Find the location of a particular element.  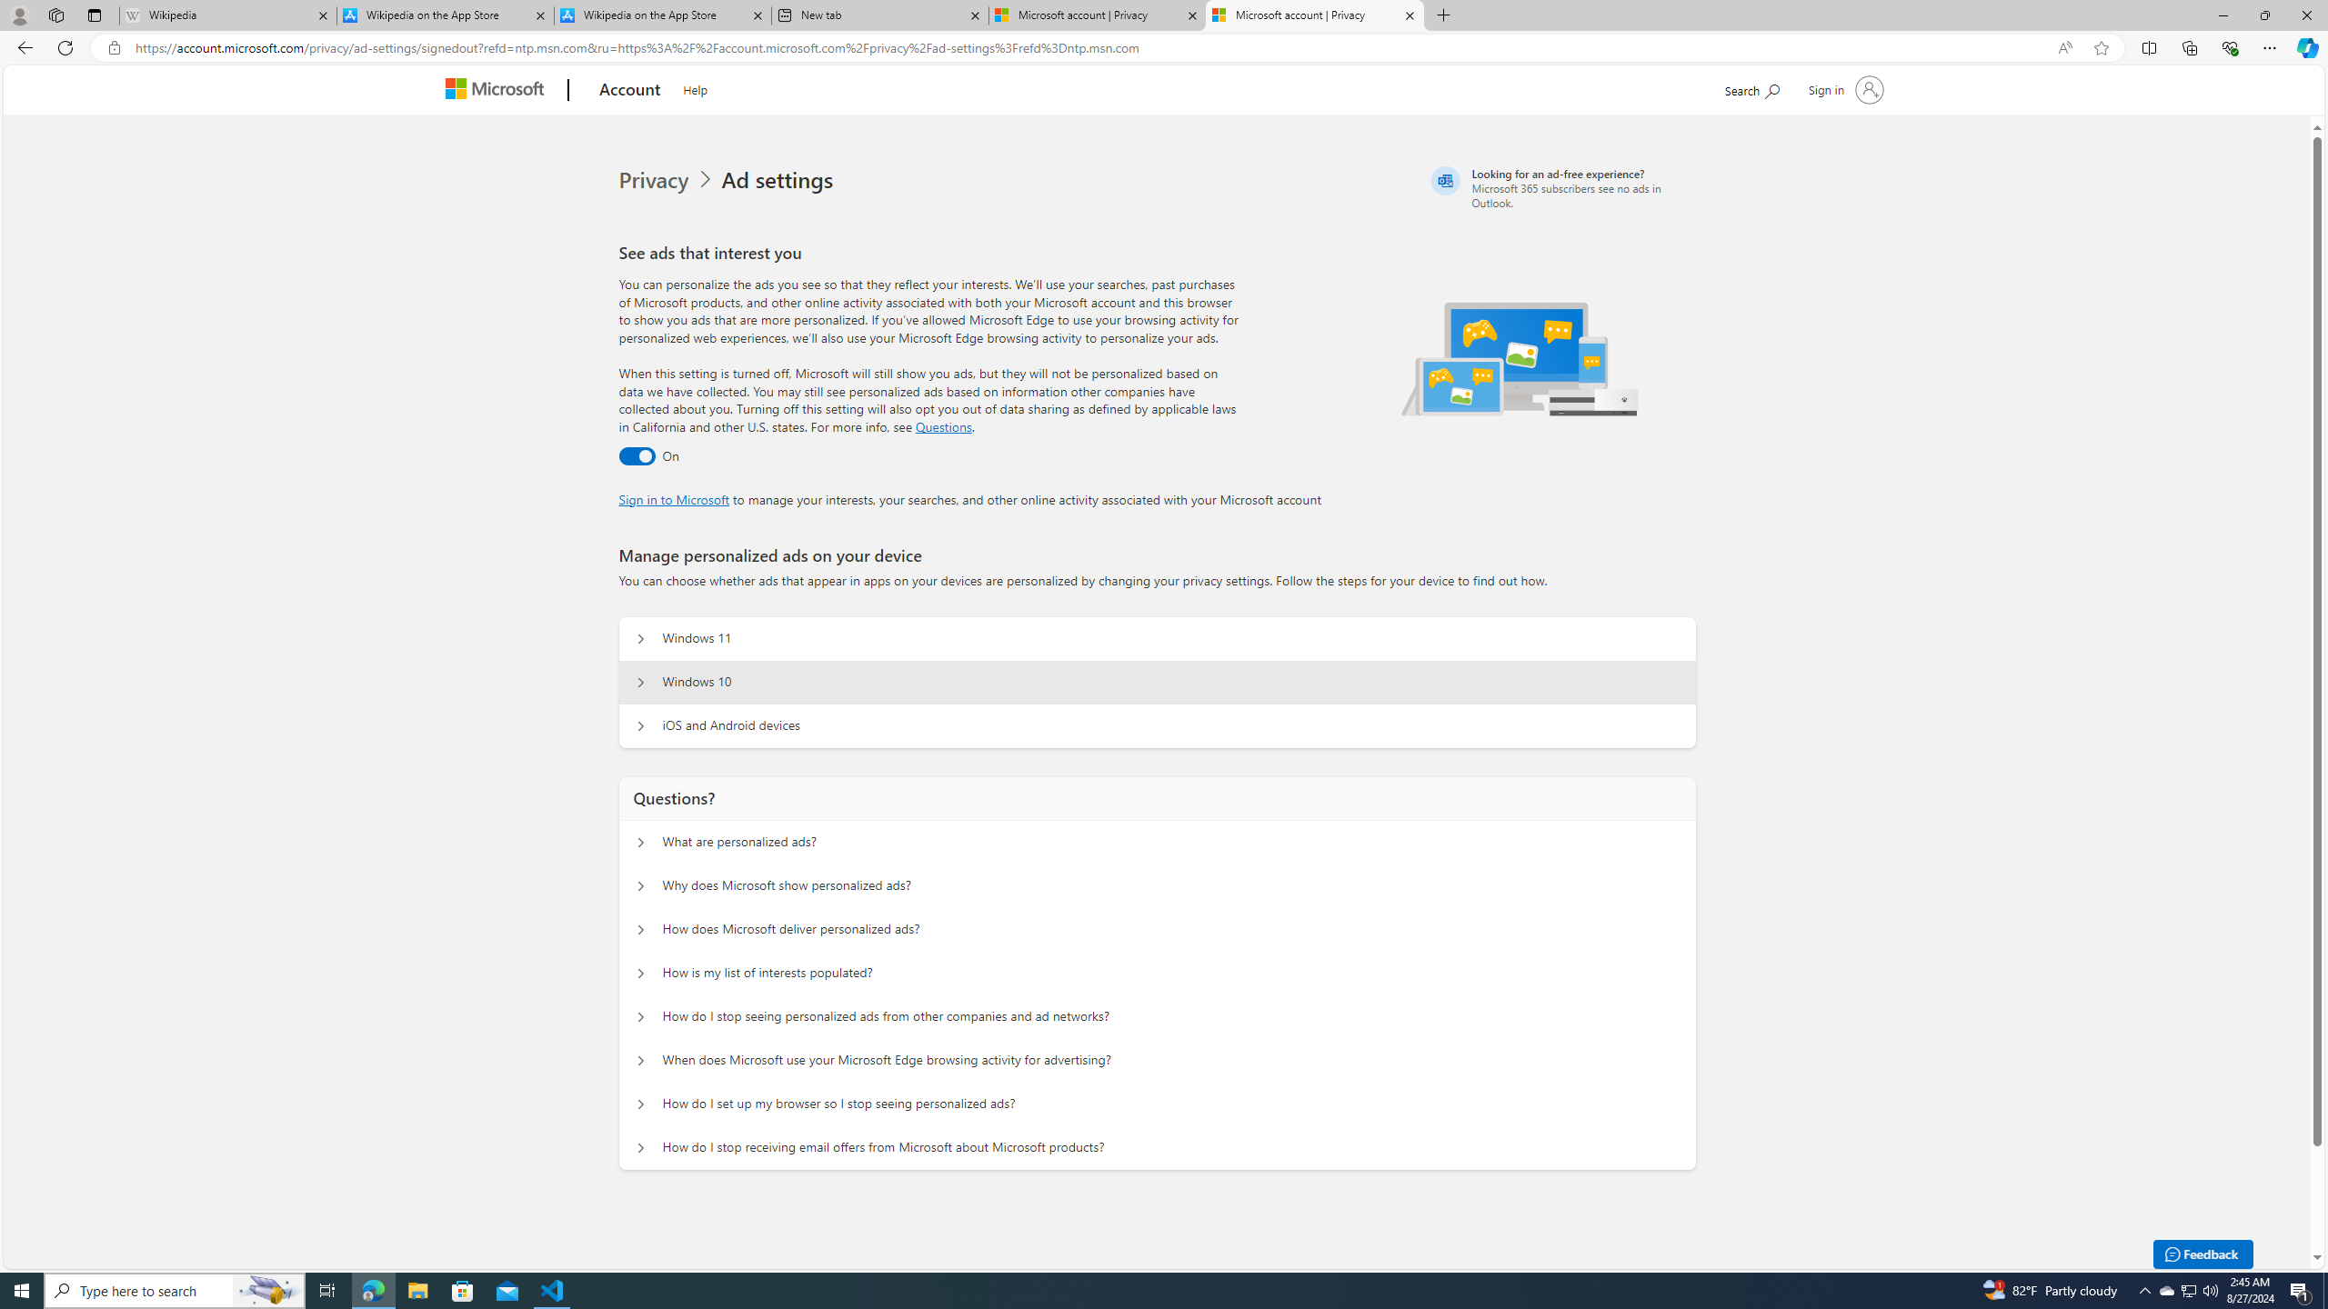

'Ad settings' is located at coordinates (779, 180).